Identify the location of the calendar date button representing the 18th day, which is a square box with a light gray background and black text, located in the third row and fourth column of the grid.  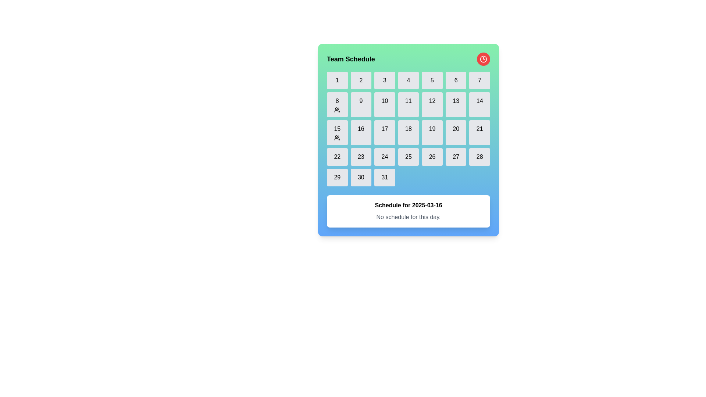
(408, 133).